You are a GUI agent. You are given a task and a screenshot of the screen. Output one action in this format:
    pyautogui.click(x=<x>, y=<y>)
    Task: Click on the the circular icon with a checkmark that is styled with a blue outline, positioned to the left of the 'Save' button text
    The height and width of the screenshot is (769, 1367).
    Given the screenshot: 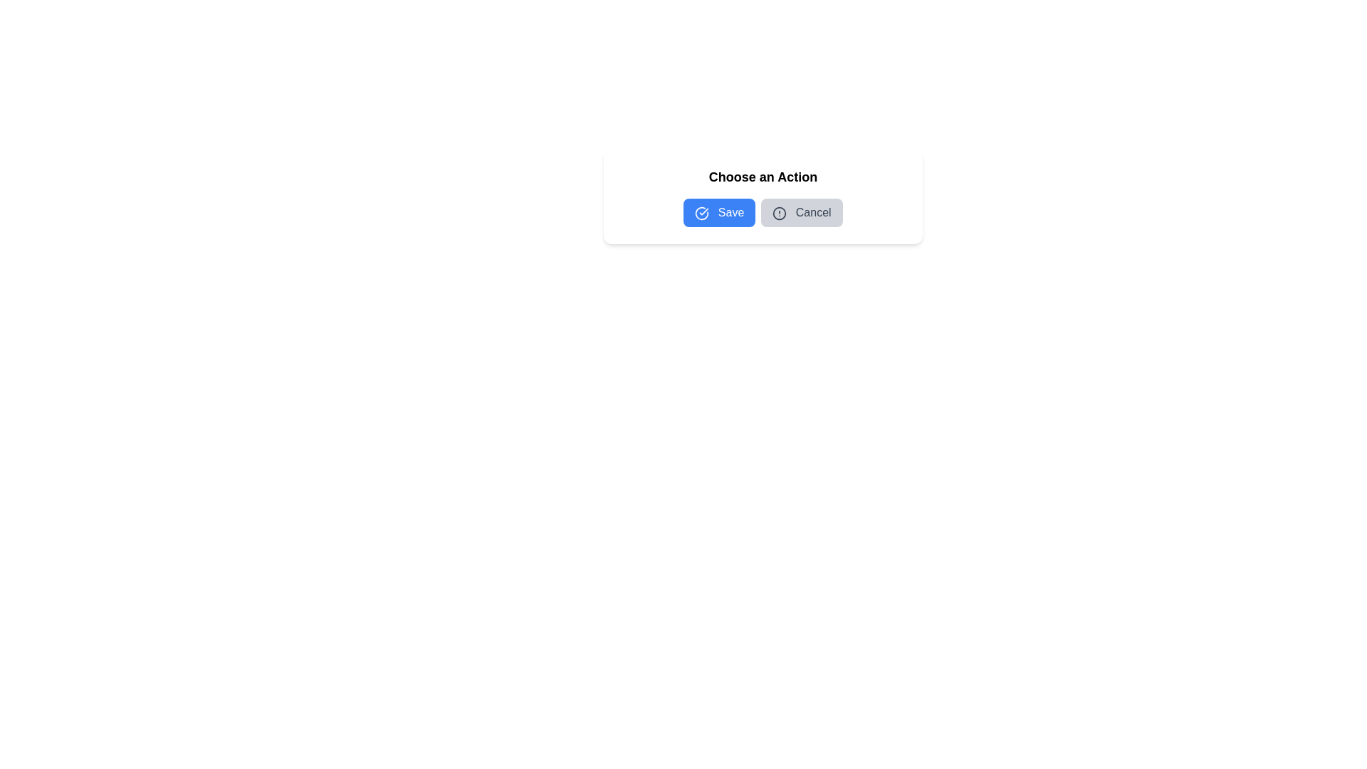 What is the action you would take?
    pyautogui.click(x=702, y=213)
    